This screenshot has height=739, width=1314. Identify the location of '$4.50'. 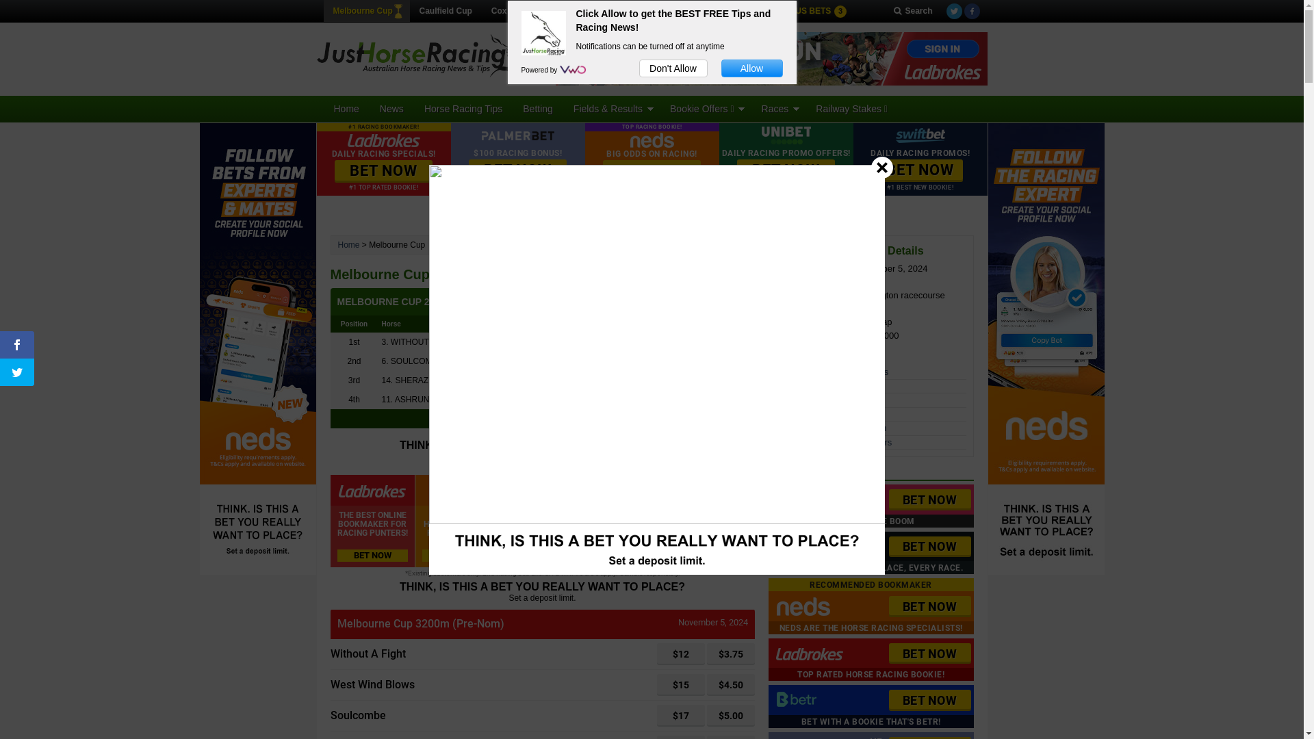
(729, 685).